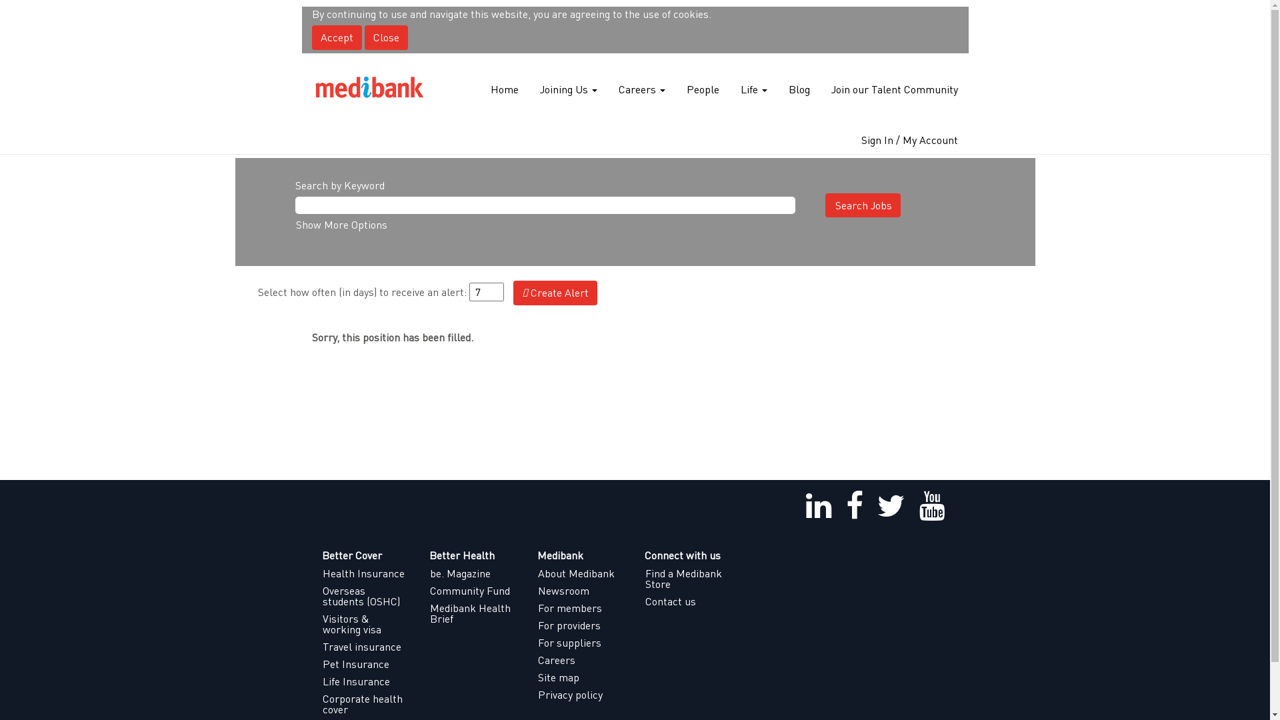  What do you see at coordinates (321, 703) in the screenshot?
I see `'Corporate health cover'` at bounding box center [321, 703].